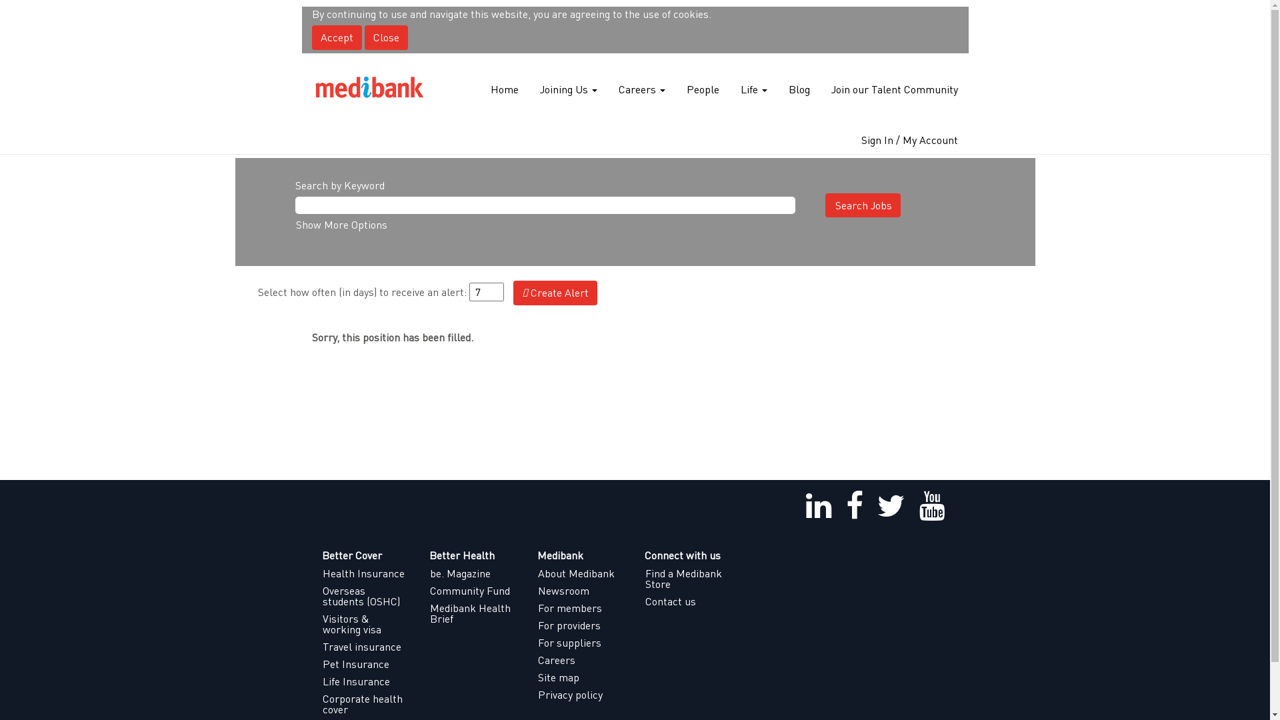  What do you see at coordinates (321, 703) in the screenshot?
I see `'Corporate health cover'` at bounding box center [321, 703].